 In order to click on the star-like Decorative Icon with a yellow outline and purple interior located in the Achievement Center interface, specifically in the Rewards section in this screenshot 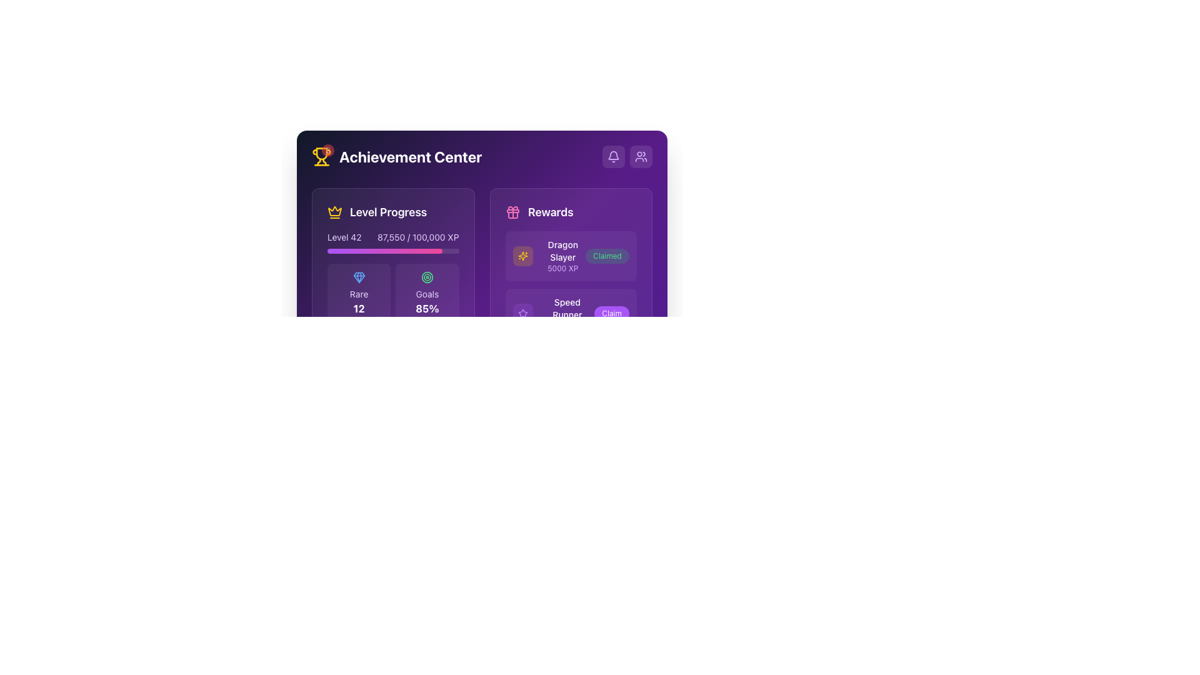, I will do `click(522, 255)`.